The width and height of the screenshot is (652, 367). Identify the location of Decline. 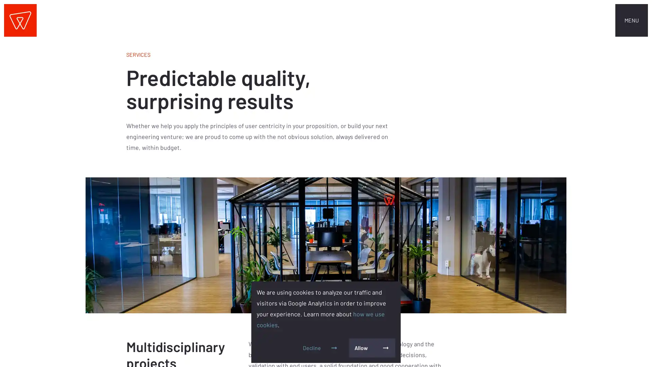
(320, 348).